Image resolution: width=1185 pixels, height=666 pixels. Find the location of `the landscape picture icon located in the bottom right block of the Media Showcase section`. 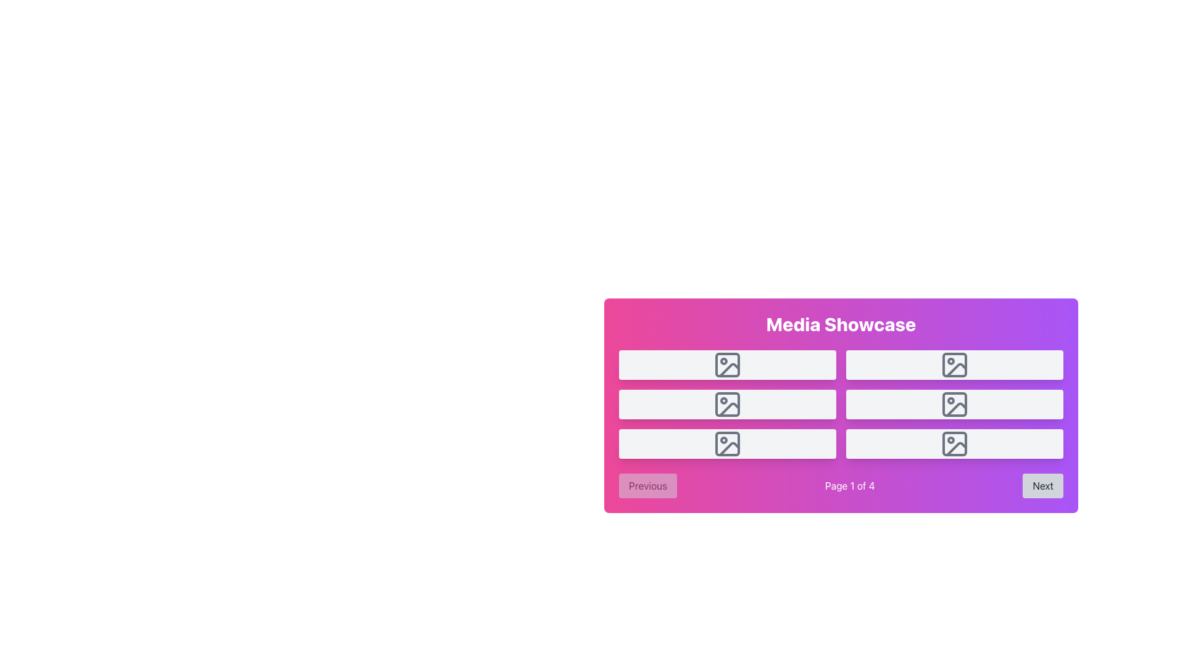

the landscape picture icon located in the bottom right block of the Media Showcase section is located at coordinates (954, 444).